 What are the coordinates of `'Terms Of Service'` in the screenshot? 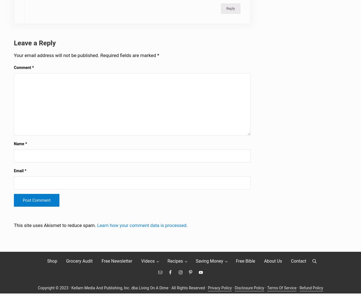 It's located at (282, 292).